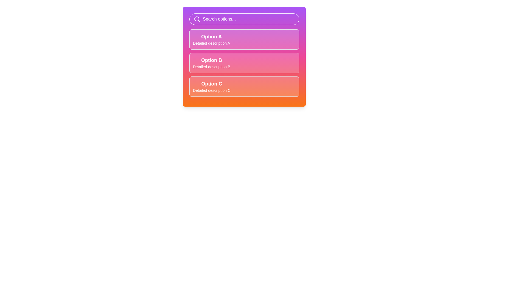  I want to click on the header text in the third row of the vertically stacked list, so click(211, 84).